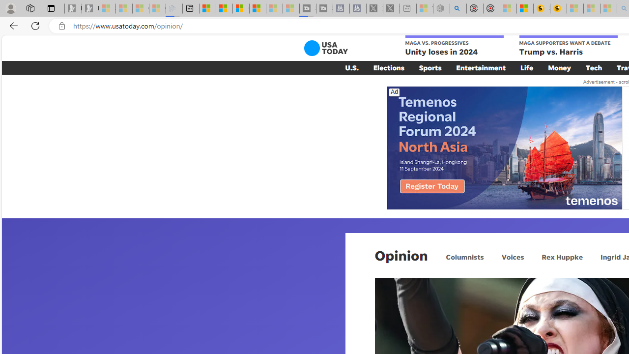  Describe the element at coordinates (504, 147) in the screenshot. I see `'Class: ns-dqusr-e-4'` at that location.